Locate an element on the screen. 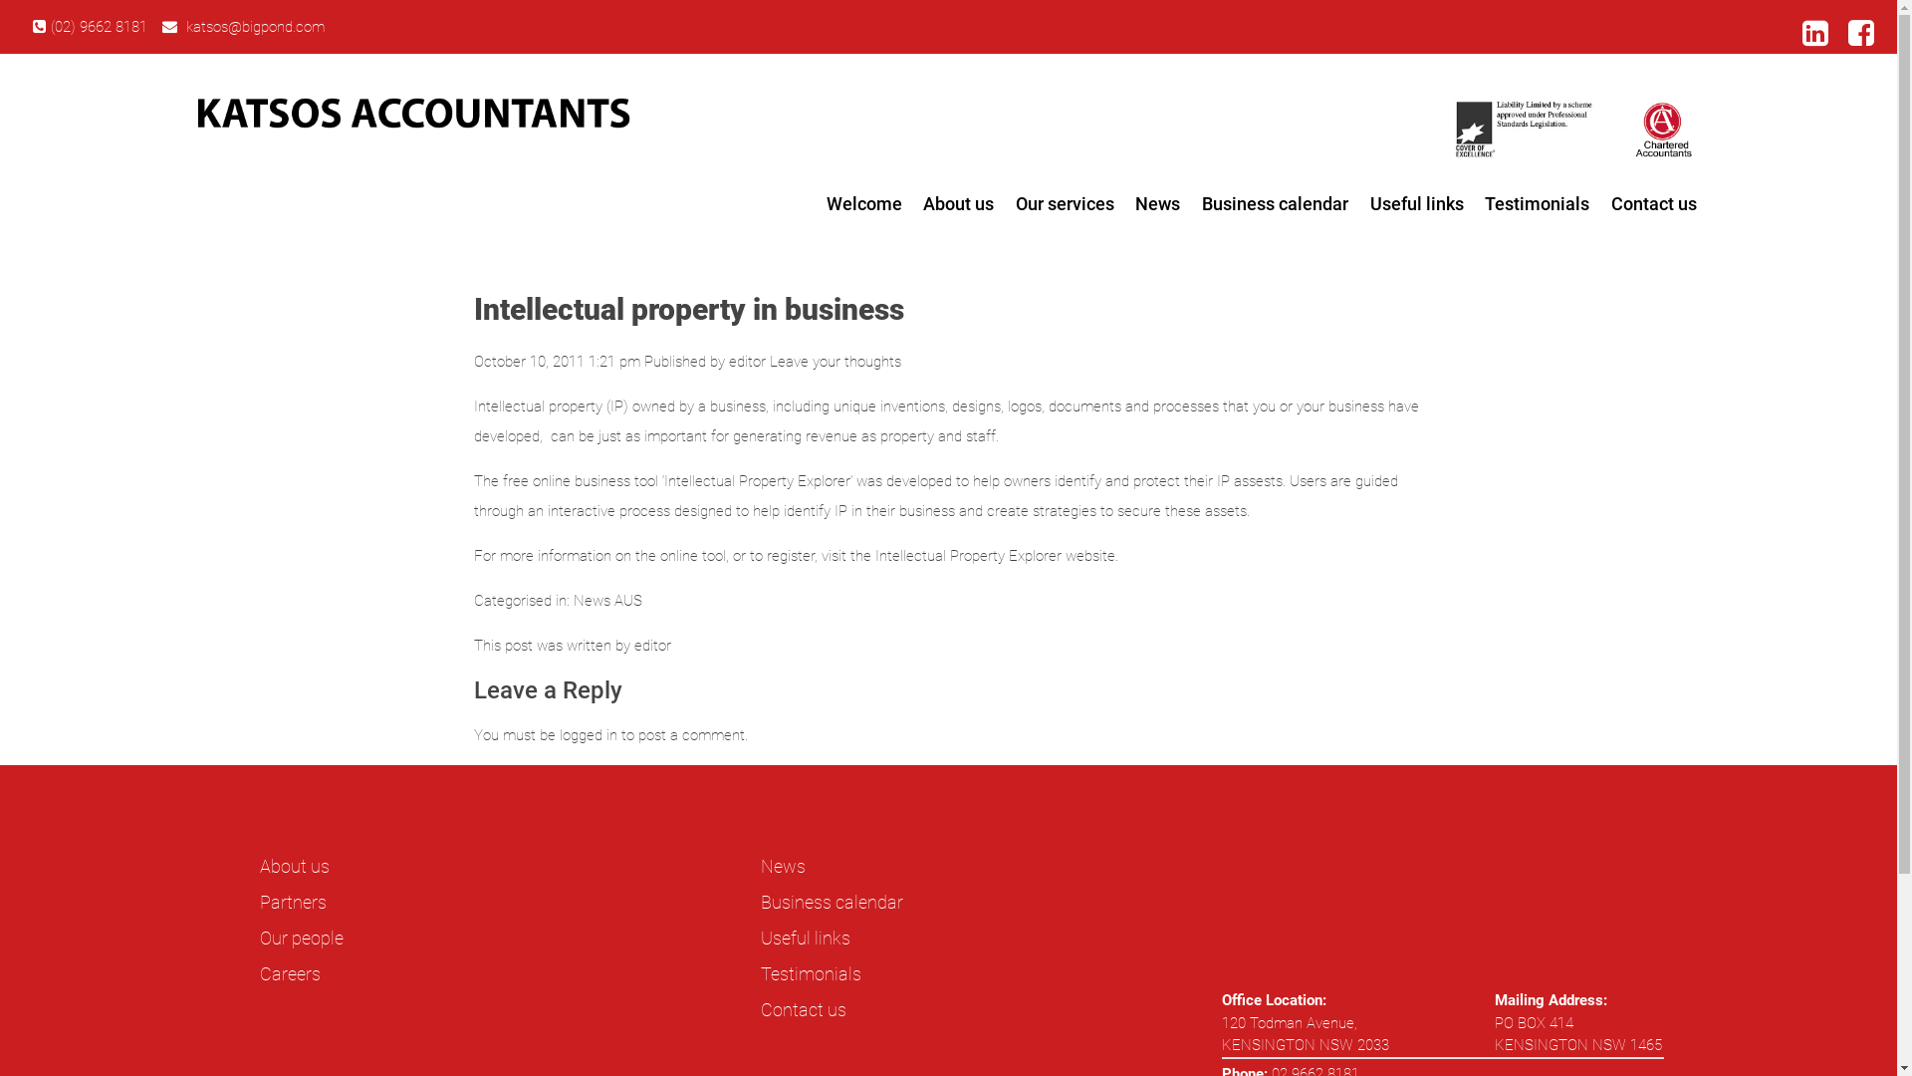 The image size is (1912, 1076). 'logo' is located at coordinates (411, 113).